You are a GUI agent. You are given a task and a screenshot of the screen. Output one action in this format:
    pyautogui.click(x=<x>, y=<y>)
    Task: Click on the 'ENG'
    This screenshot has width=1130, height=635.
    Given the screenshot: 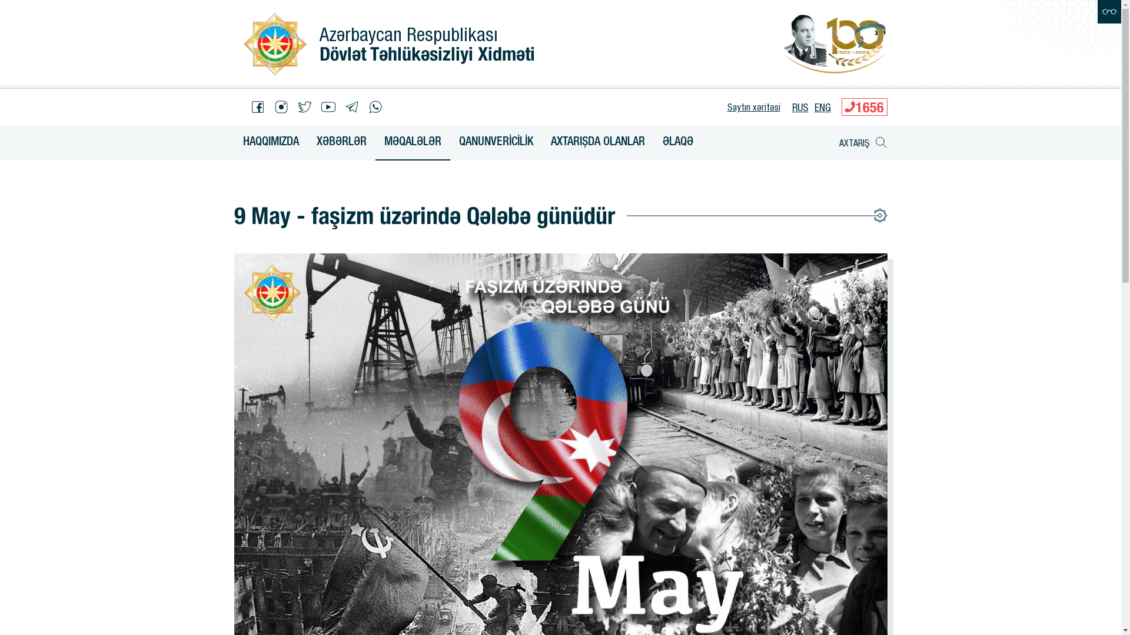 What is the action you would take?
    pyautogui.click(x=822, y=106)
    